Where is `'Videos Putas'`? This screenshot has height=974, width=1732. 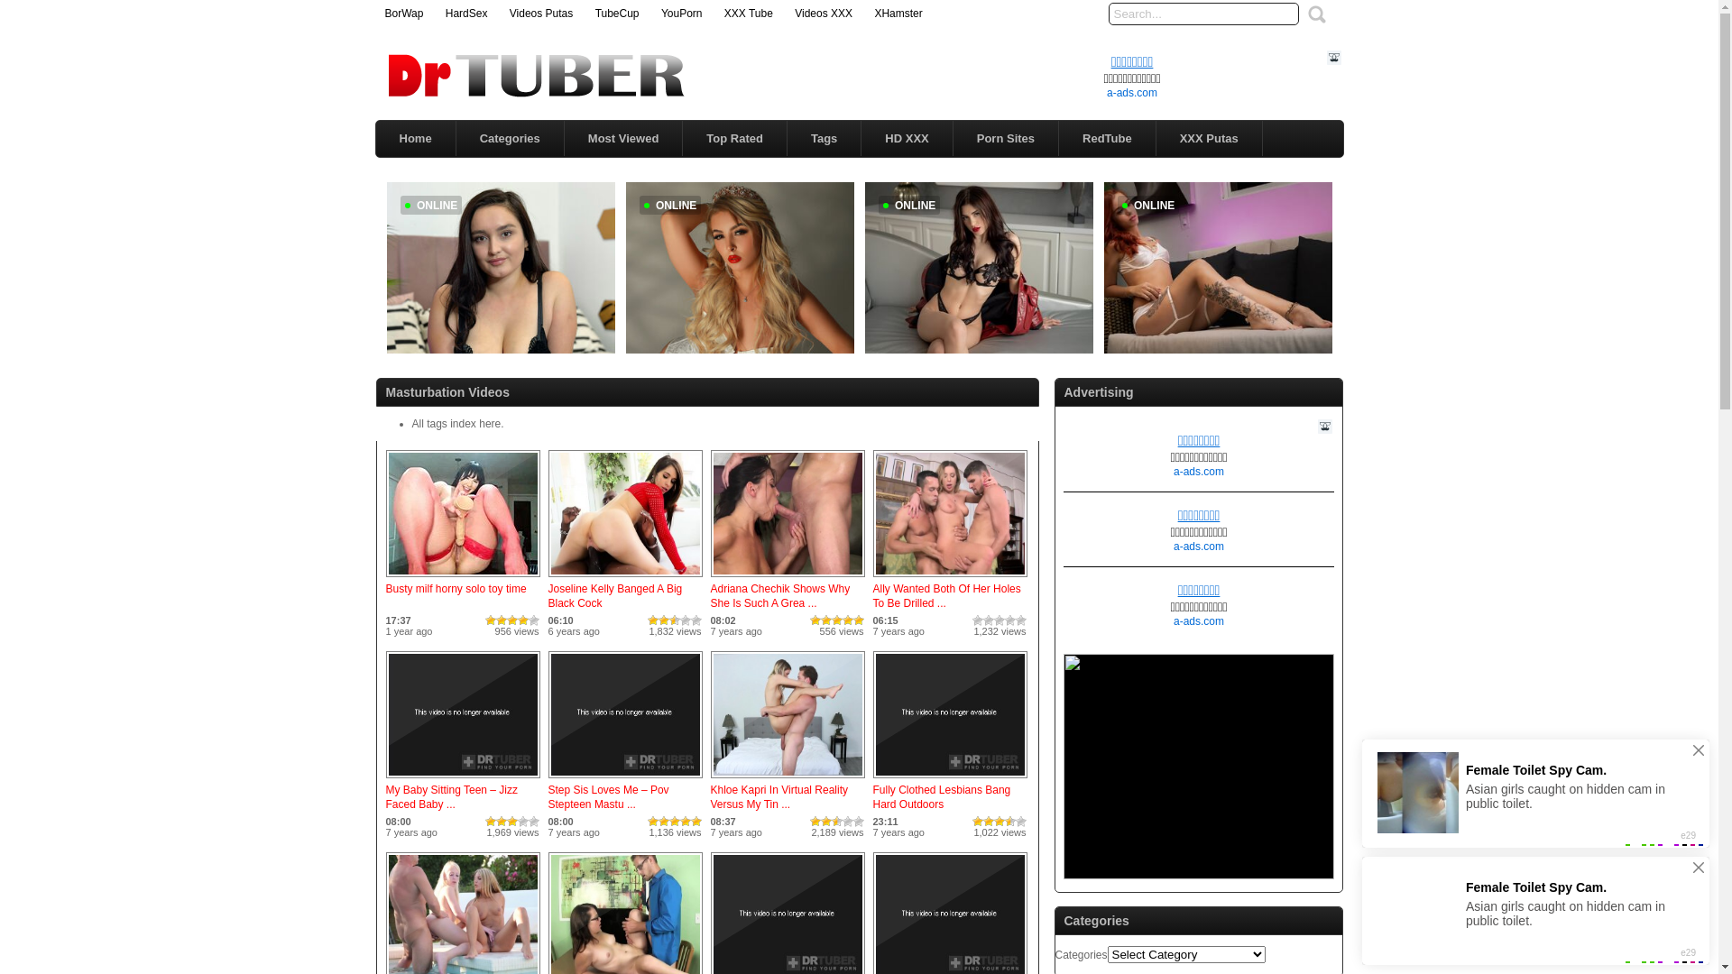
'Videos Putas' is located at coordinates (540, 14).